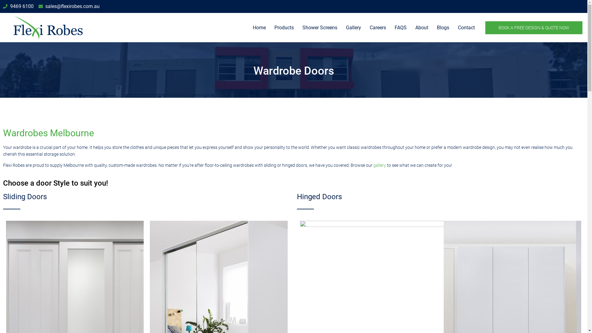  Describe the element at coordinates (377, 27) in the screenshot. I see `'Careers'` at that location.